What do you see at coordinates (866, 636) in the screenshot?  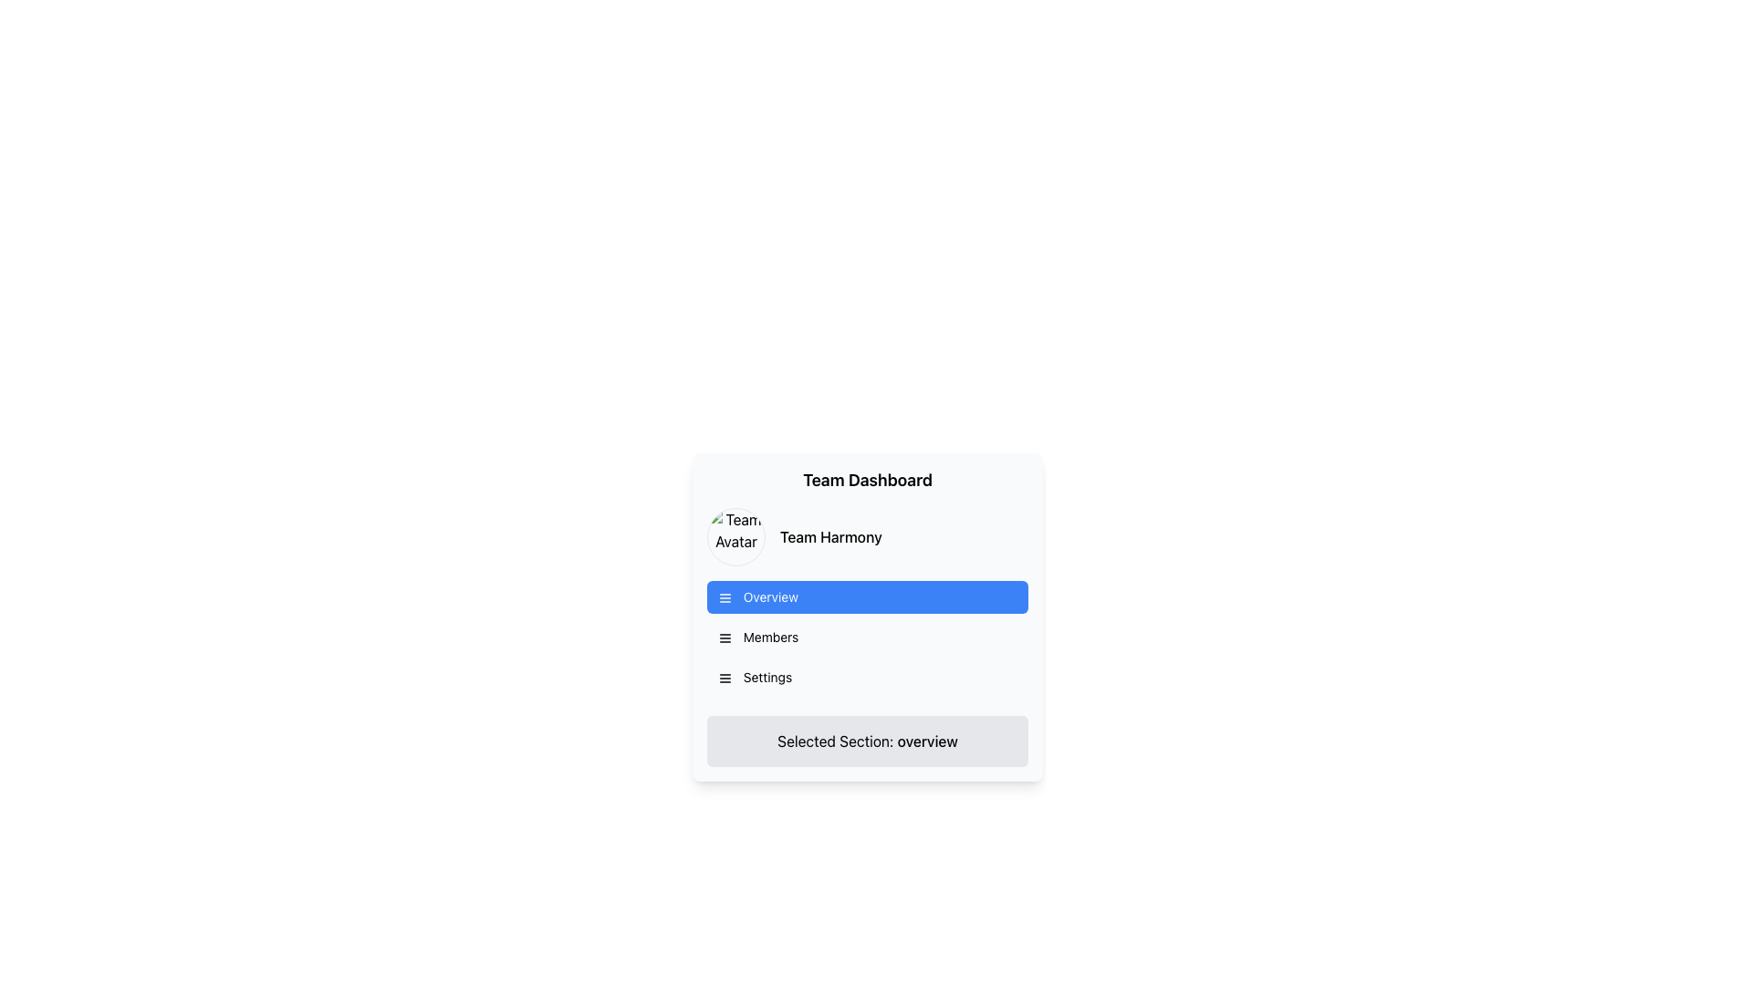 I see `the 'Members' navigational menu item, which is positioned between 'Overview' and 'Settings'` at bounding box center [866, 636].